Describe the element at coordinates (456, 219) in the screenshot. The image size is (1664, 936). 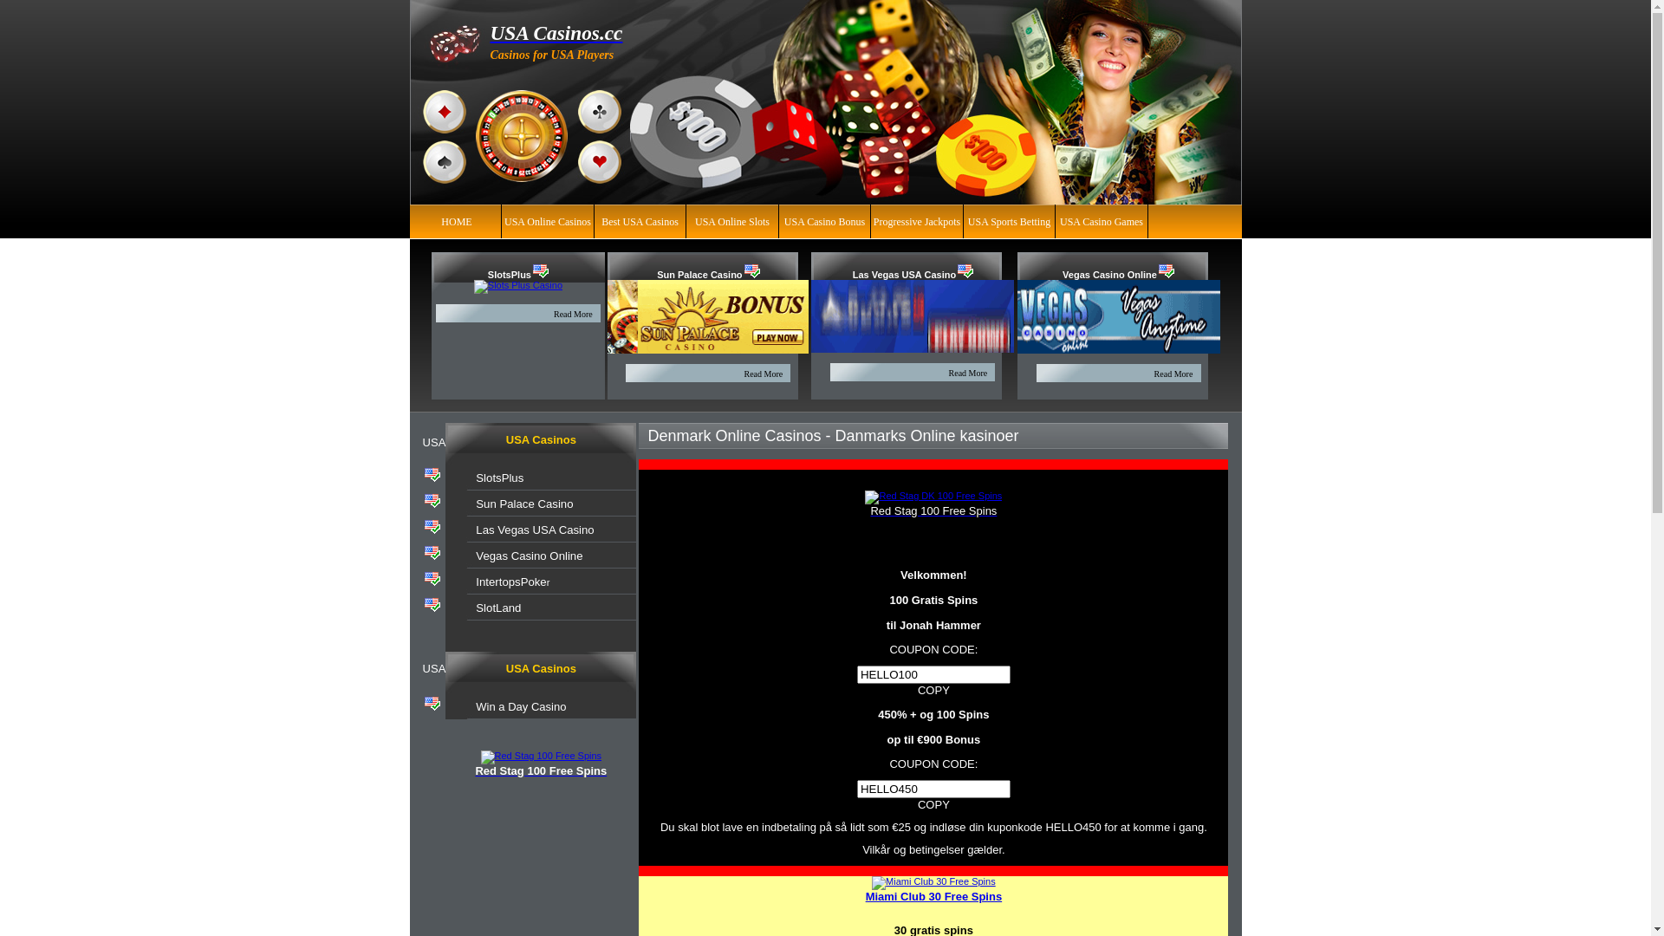
I see `'HOME'` at that location.